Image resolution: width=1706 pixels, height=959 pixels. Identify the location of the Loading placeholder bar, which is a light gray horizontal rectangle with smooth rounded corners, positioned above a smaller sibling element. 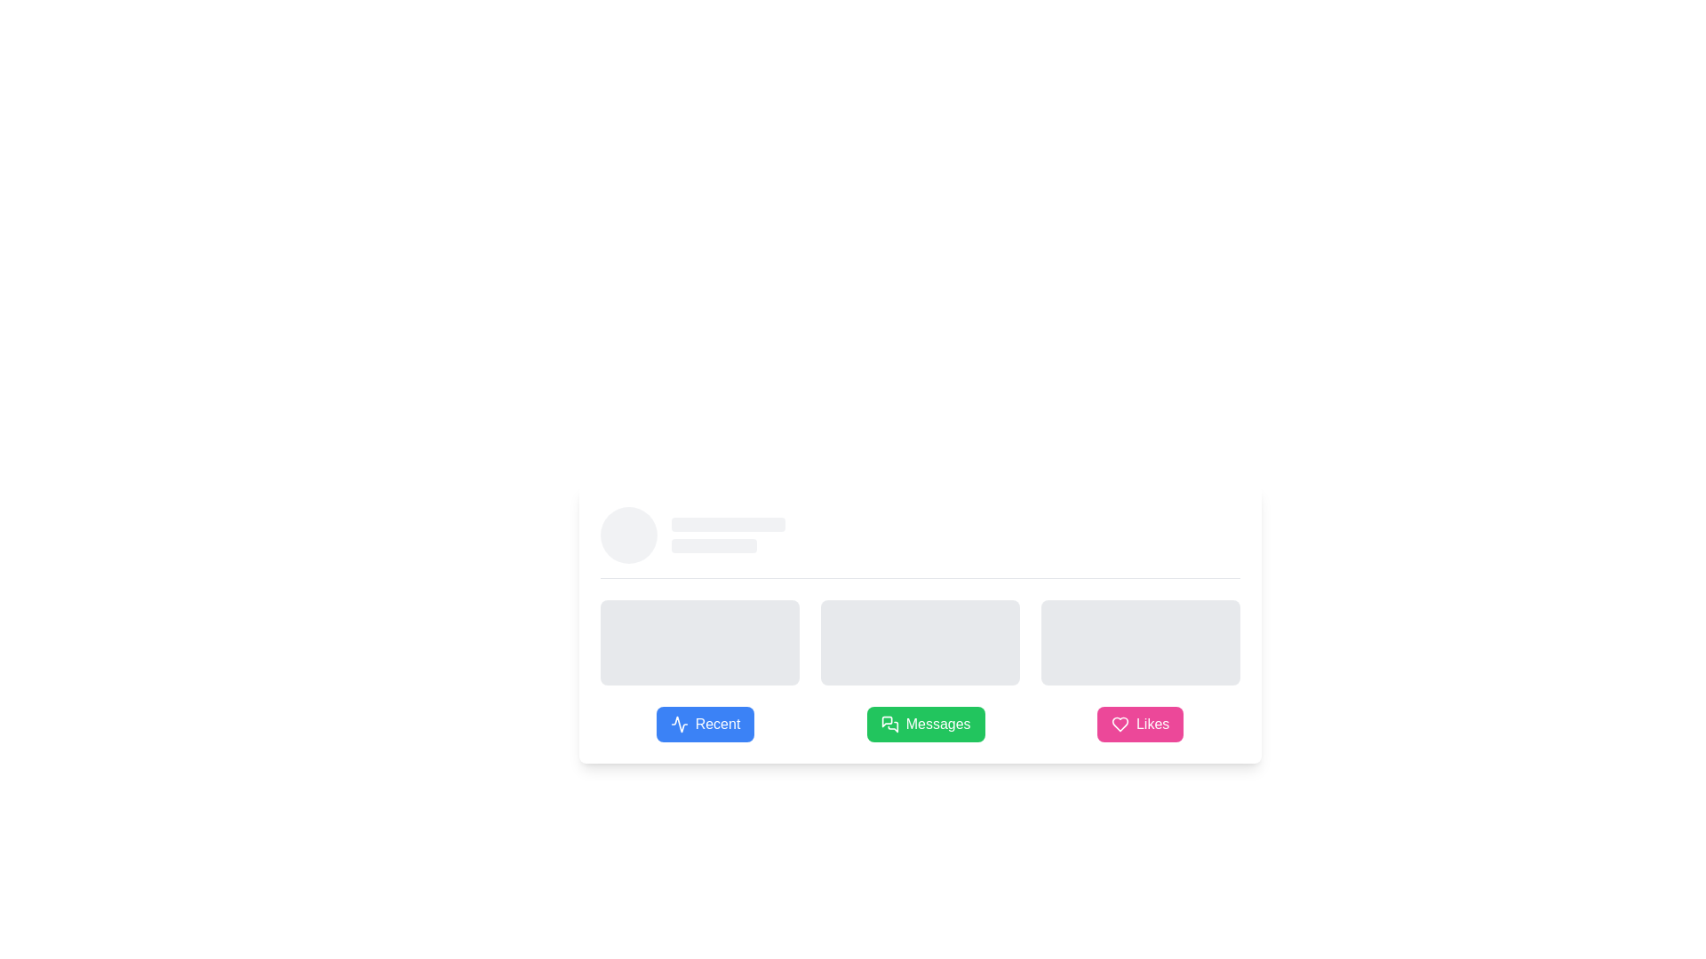
(728, 523).